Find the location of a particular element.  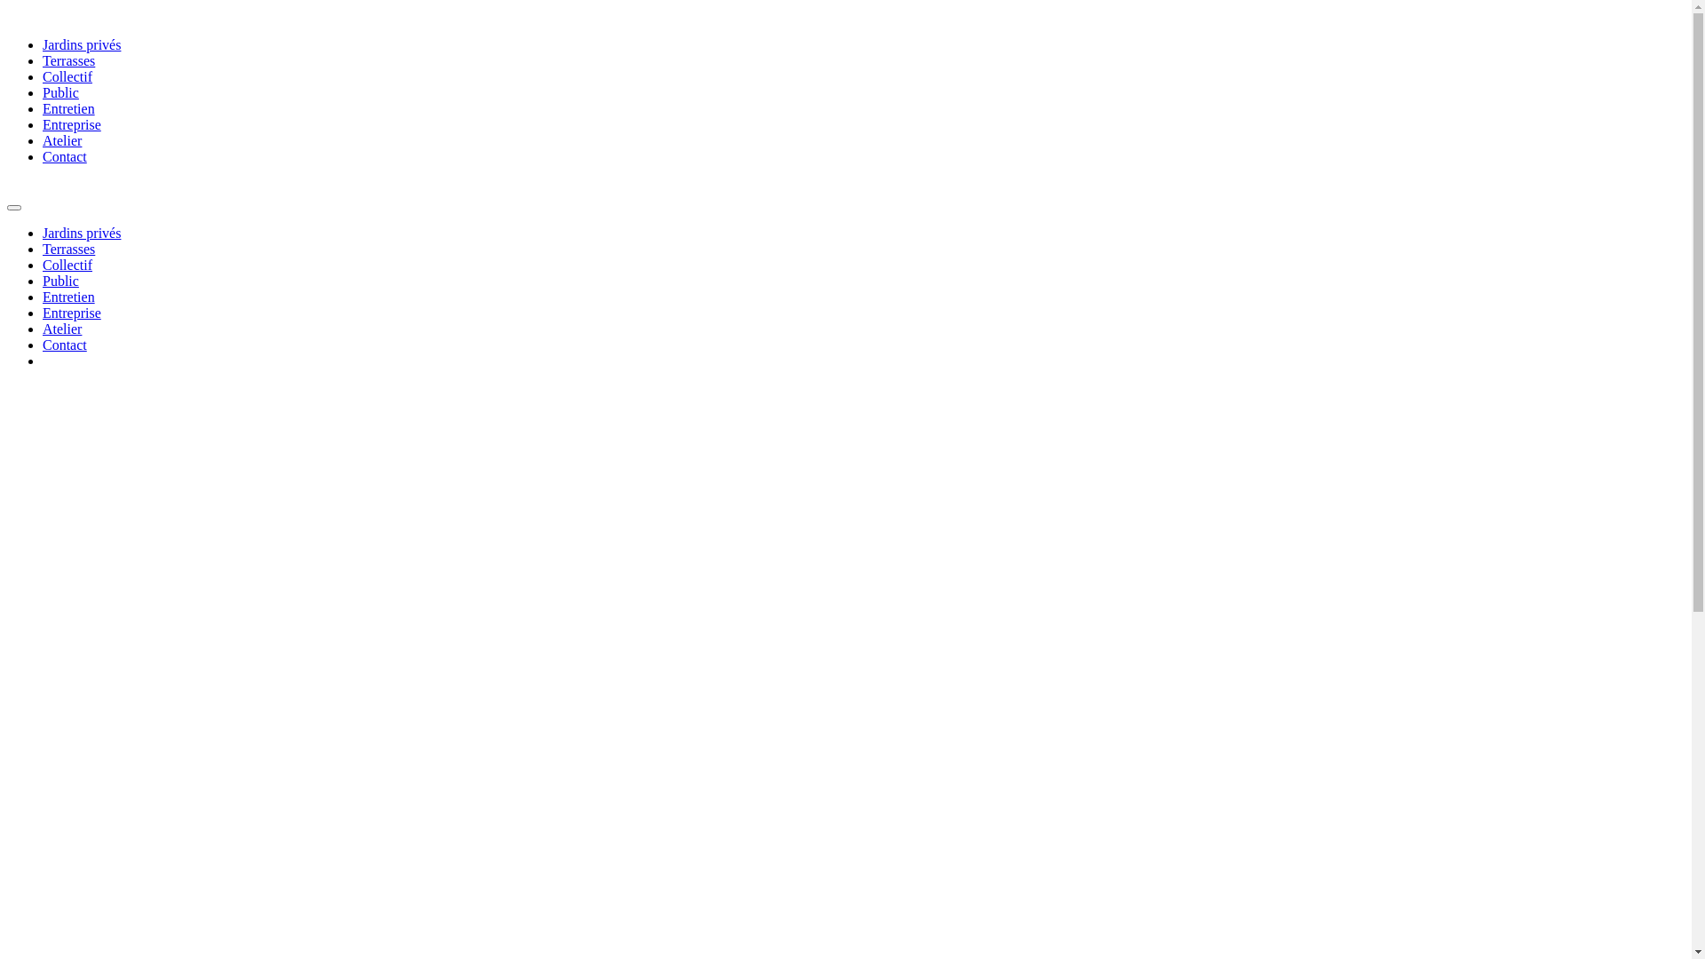

'Contact' is located at coordinates (64, 155).